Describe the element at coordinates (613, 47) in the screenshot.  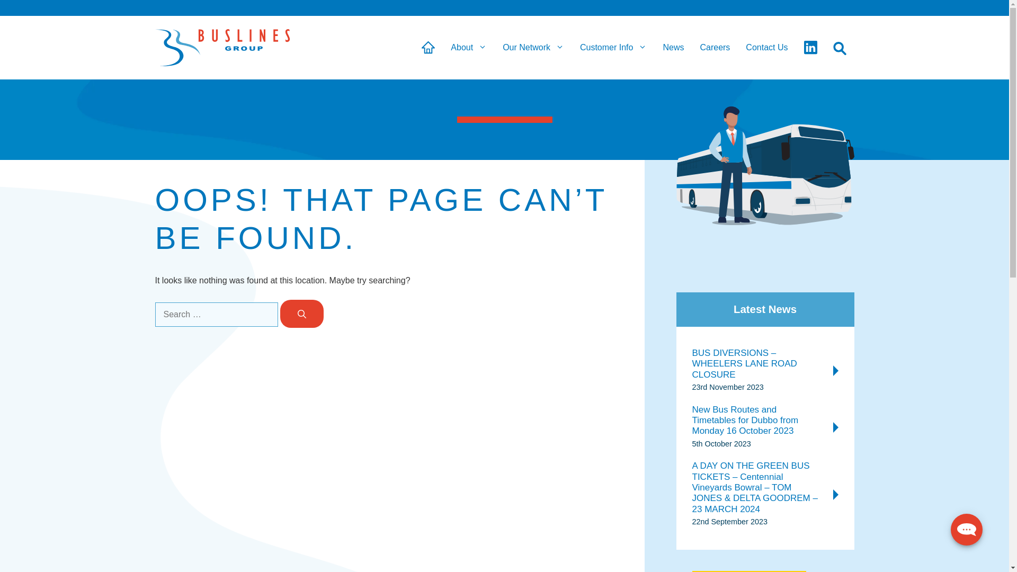
I see `'Customer Info'` at that location.